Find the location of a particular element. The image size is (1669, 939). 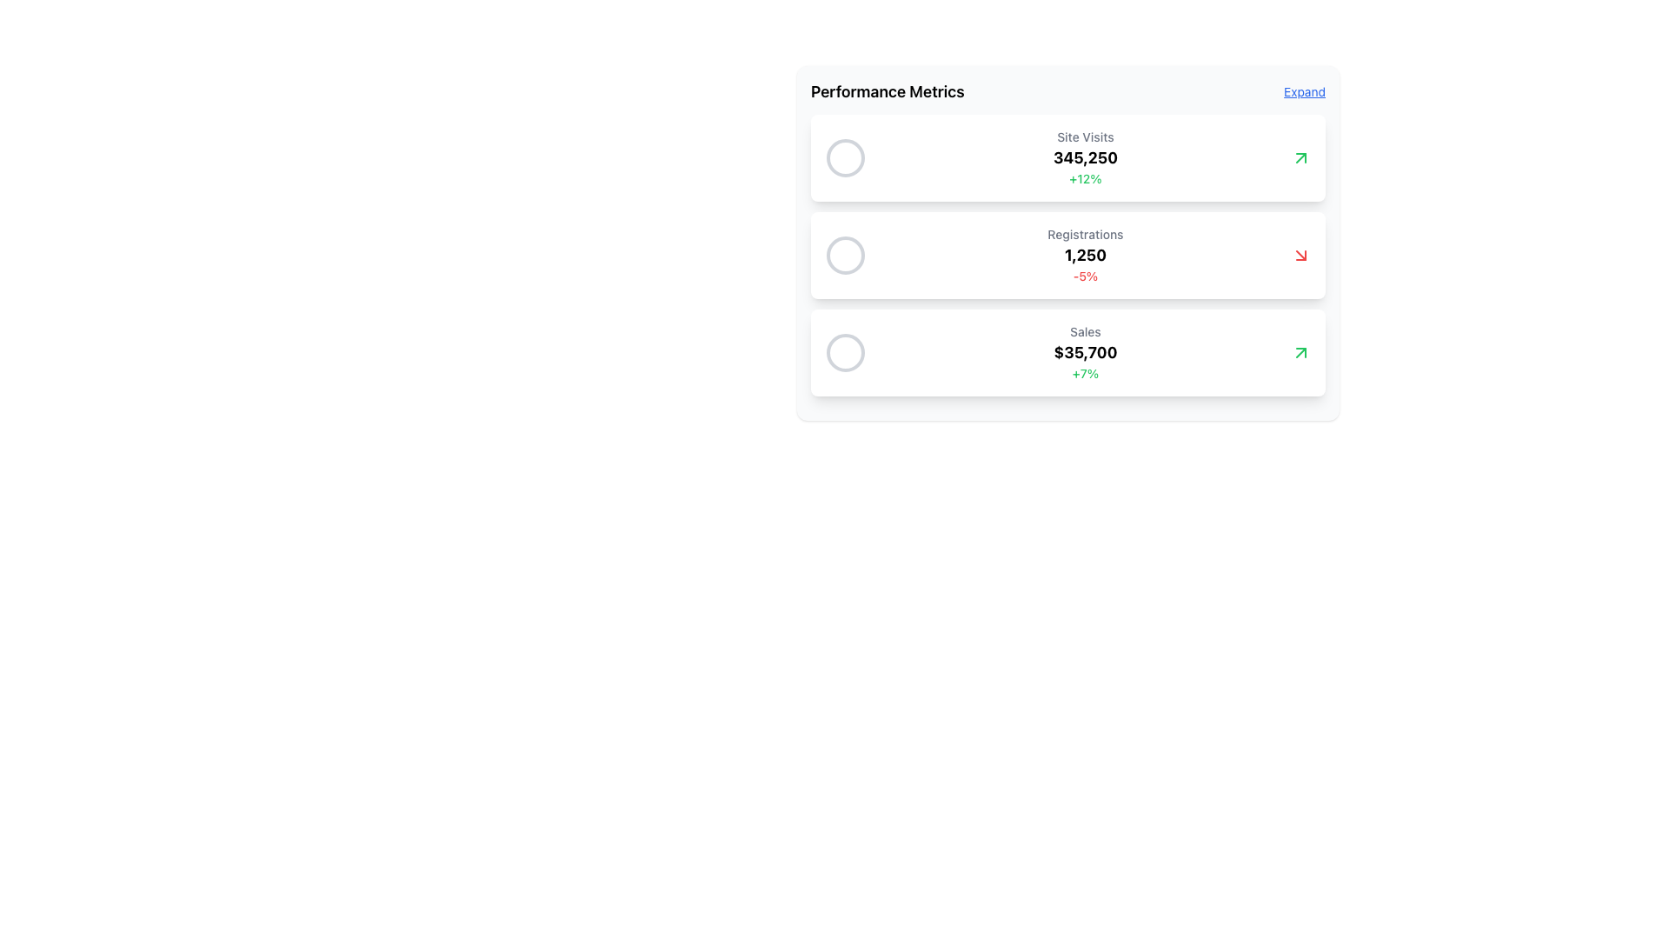

the downward-right red arrow icon located at the right margin of the second row in the card layout, adjacent to the '-5%' text indicating a negative trend is located at coordinates (1301, 255).